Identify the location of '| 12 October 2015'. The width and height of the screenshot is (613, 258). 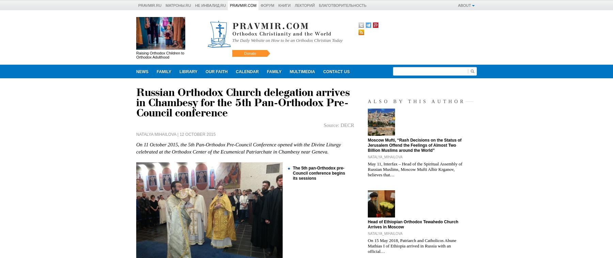
(195, 134).